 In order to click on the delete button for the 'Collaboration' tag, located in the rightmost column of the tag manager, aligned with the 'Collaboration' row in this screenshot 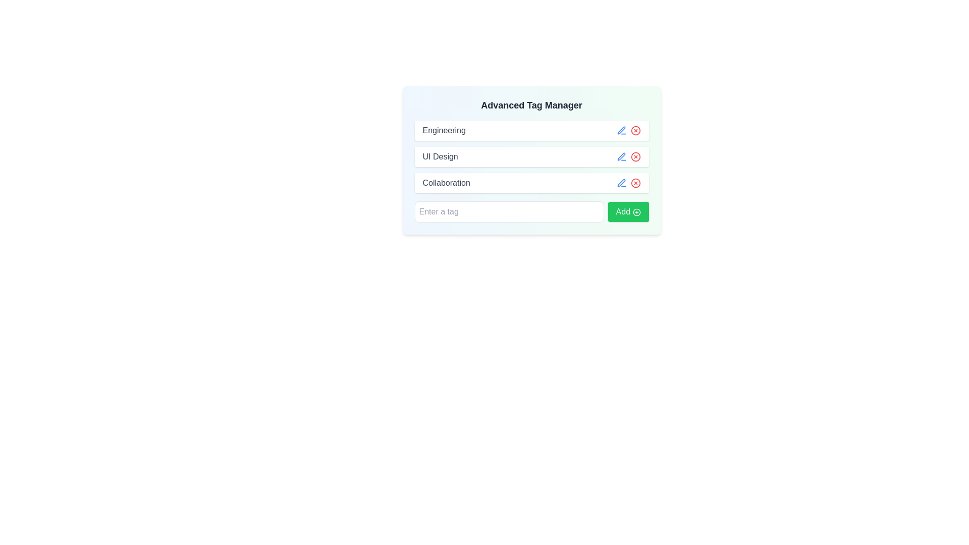, I will do `click(635, 183)`.